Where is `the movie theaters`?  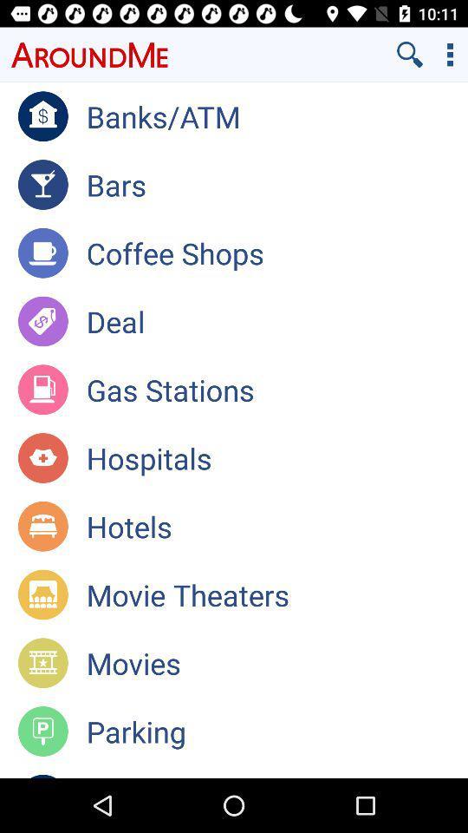 the movie theaters is located at coordinates (276, 594).